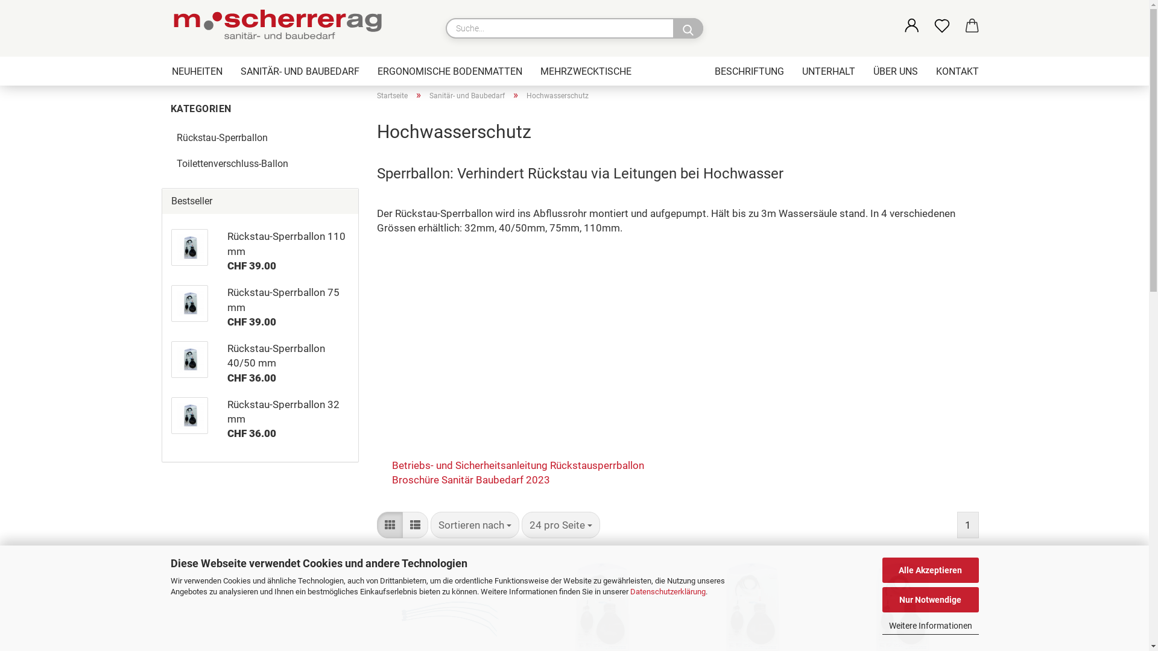  I want to click on 'M. SCHERRER AG', so click(280, 27).